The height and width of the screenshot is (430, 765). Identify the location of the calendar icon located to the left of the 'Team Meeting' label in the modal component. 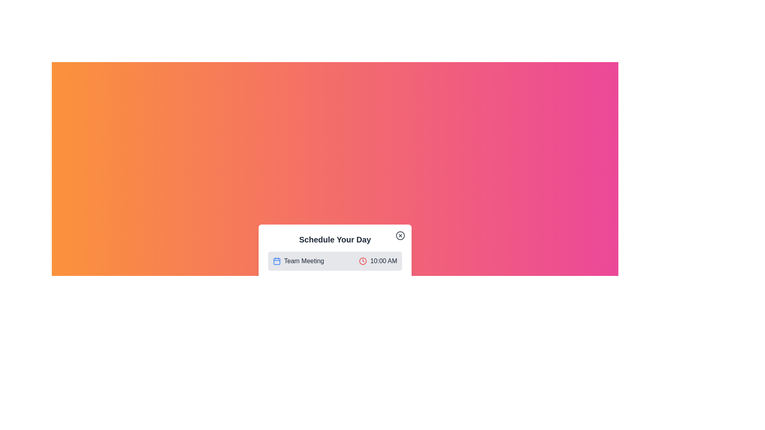
(277, 261).